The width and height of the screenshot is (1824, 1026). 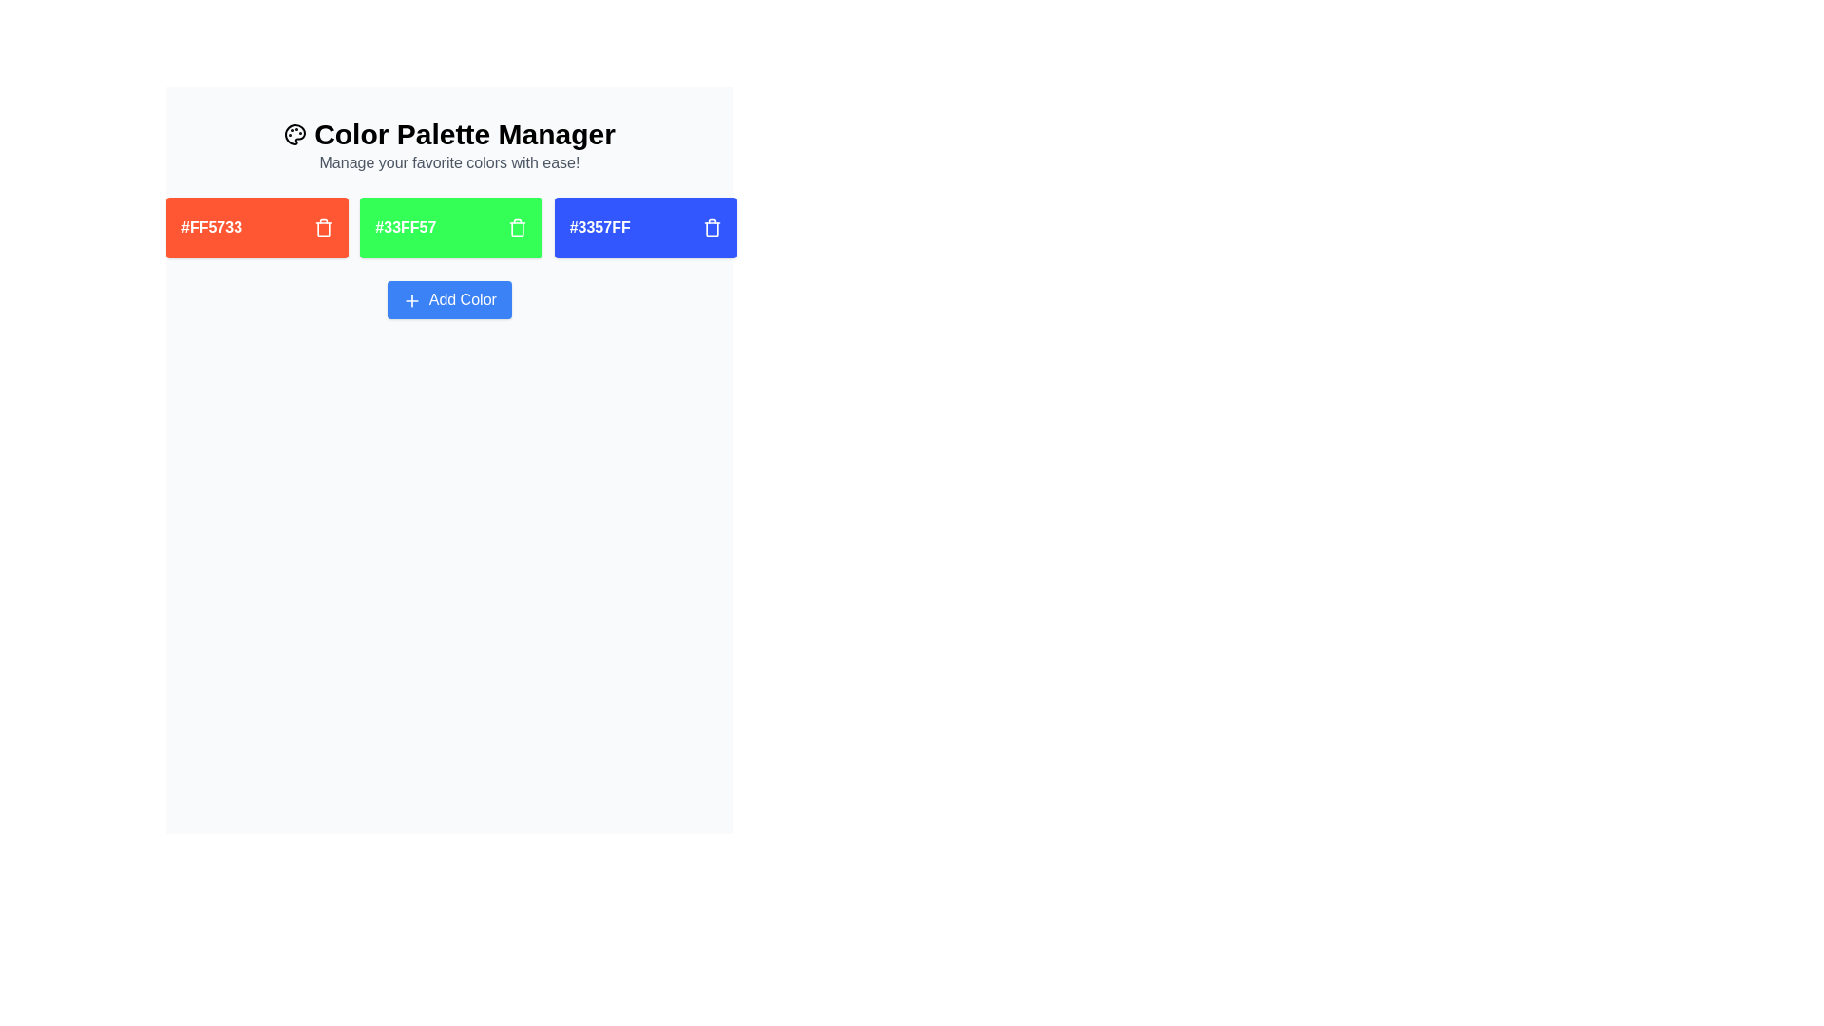 I want to click on the descriptive subtitle text element located directly below the 'Color Palette Manager' title, so click(x=448, y=162).